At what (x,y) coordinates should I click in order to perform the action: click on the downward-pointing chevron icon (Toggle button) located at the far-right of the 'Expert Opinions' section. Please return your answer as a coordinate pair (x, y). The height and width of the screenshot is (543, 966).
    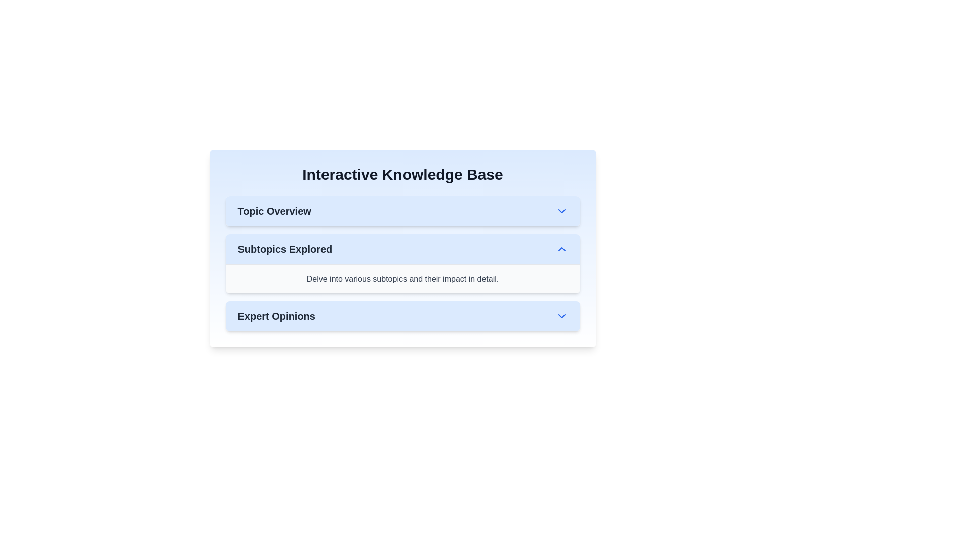
    Looking at the image, I should click on (561, 315).